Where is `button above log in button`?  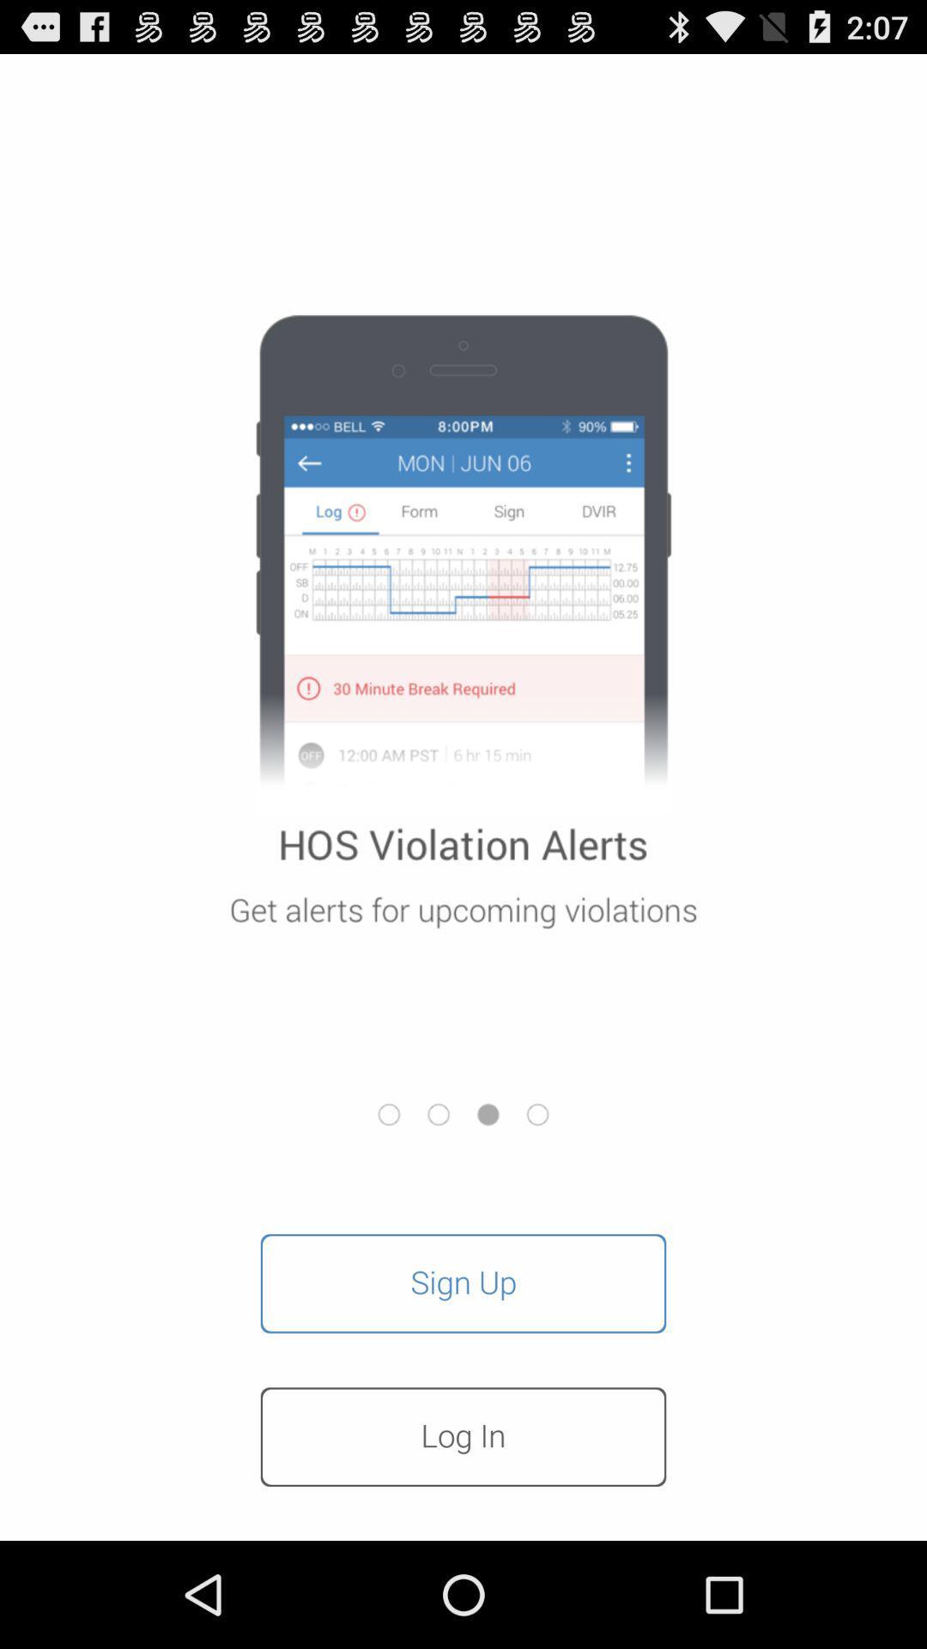
button above log in button is located at coordinates (463, 1283).